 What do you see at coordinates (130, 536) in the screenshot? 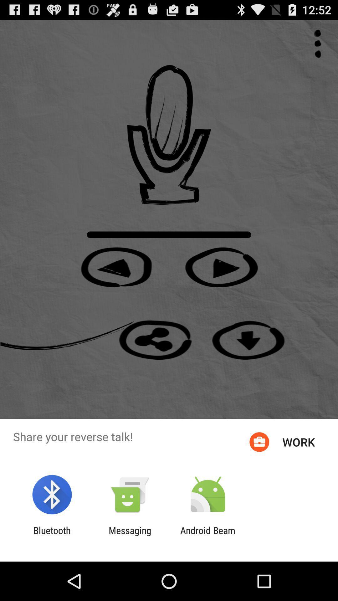
I see `item next to the bluetooth` at bounding box center [130, 536].